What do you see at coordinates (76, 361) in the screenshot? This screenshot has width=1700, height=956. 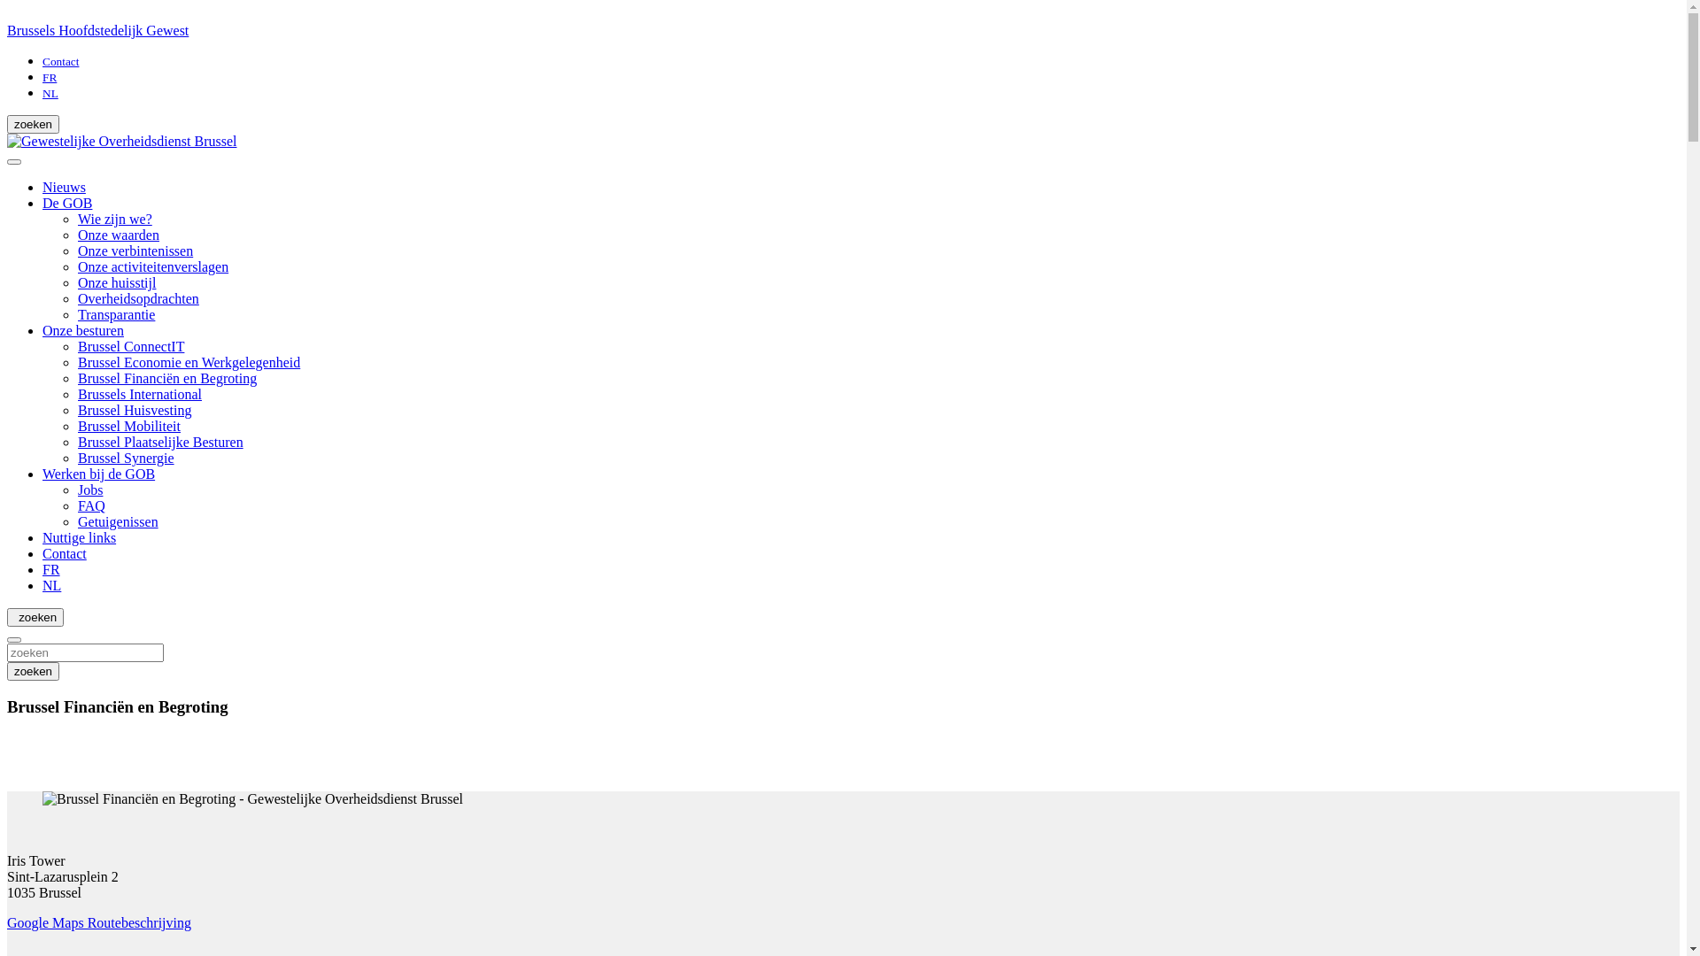 I see `'Brussel Economie en Werkgelegenheid'` at bounding box center [76, 361].